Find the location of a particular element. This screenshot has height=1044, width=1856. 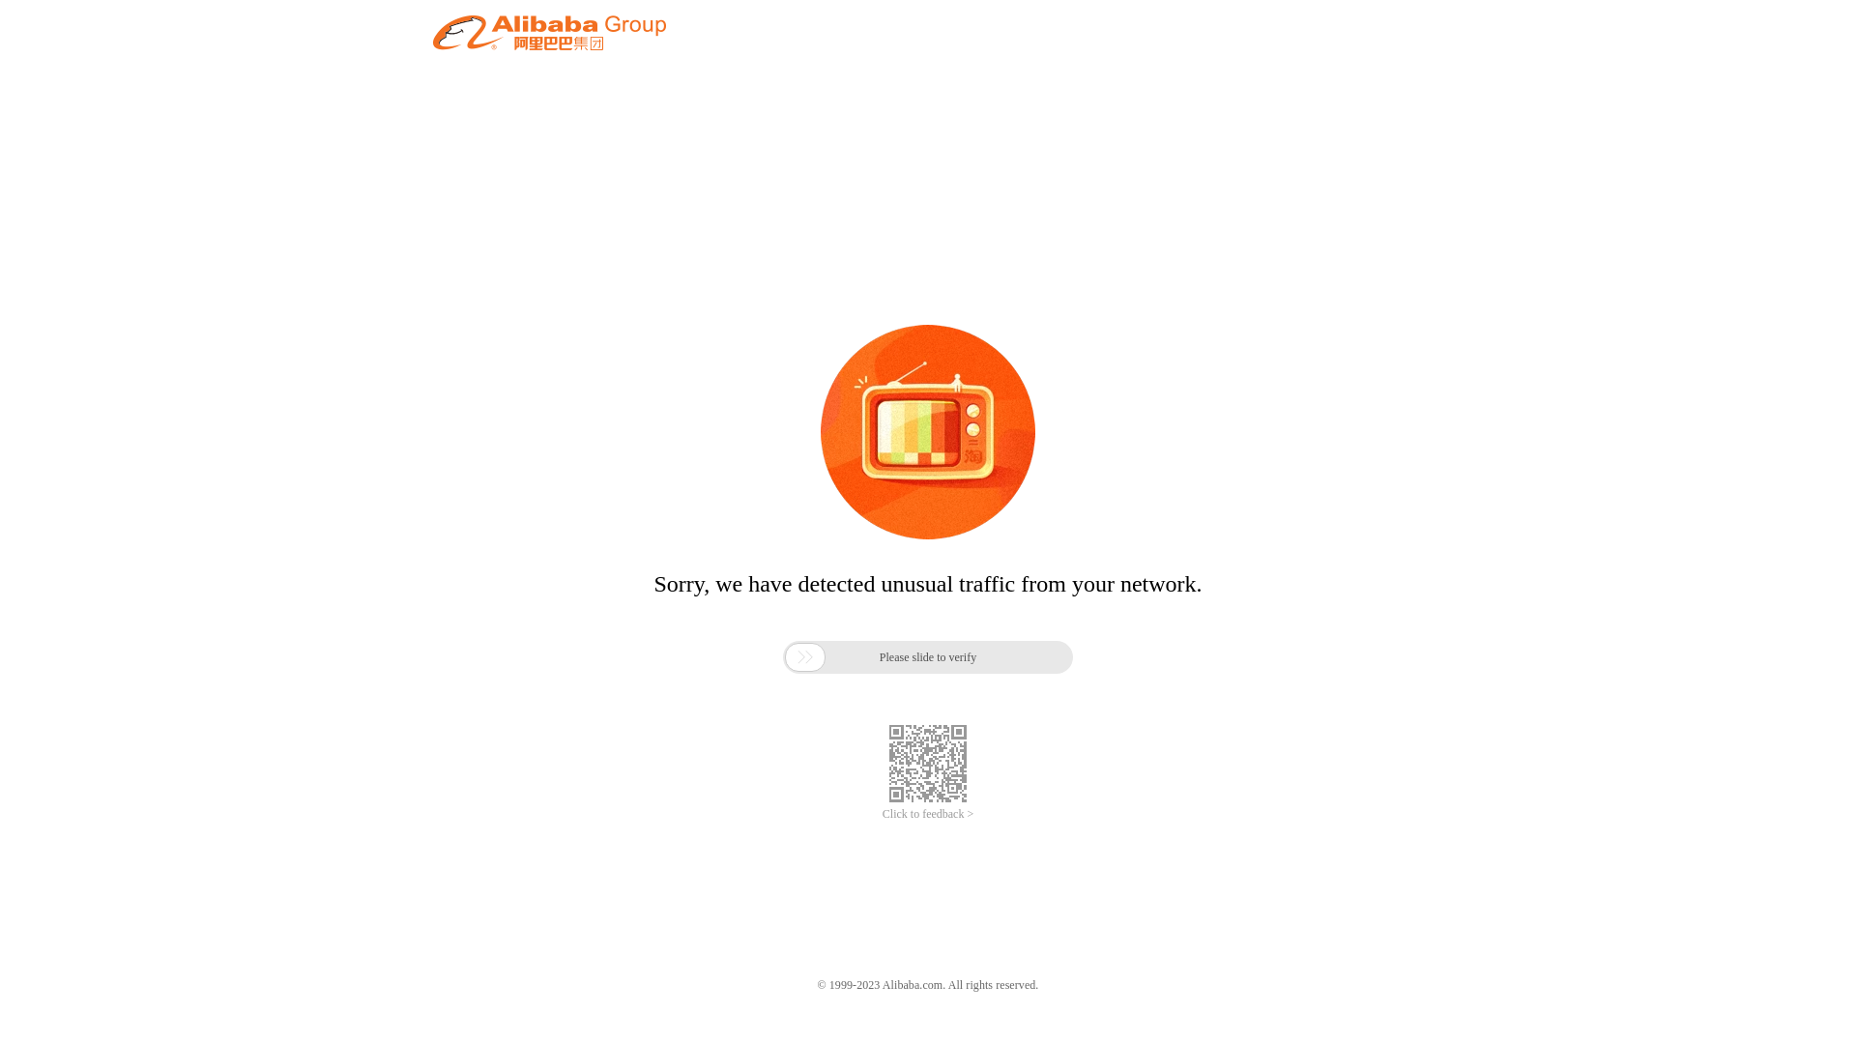

'Click to feedback >' is located at coordinates (928, 814).